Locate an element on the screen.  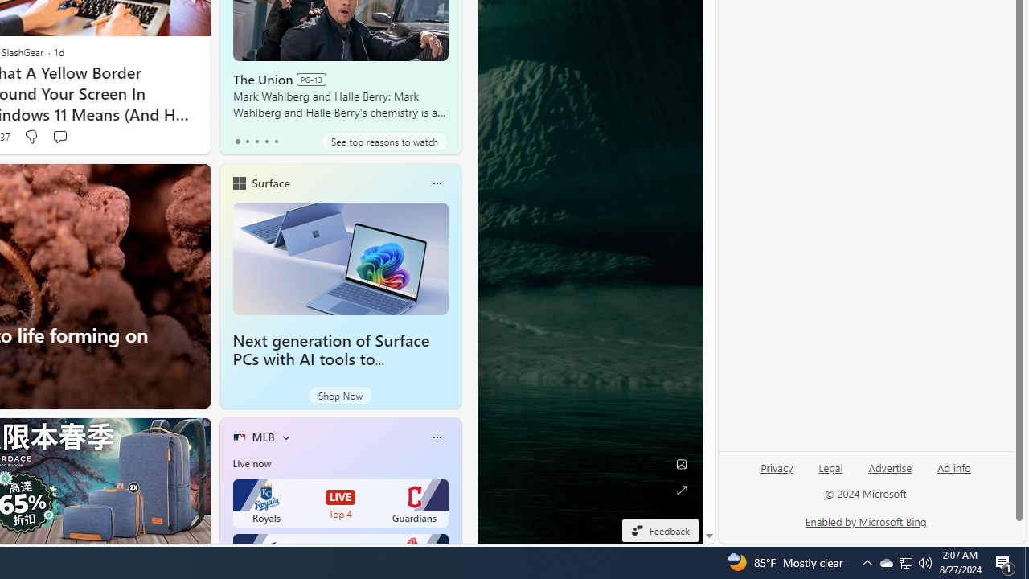
'tab-3' is located at coordinates (266, 141).